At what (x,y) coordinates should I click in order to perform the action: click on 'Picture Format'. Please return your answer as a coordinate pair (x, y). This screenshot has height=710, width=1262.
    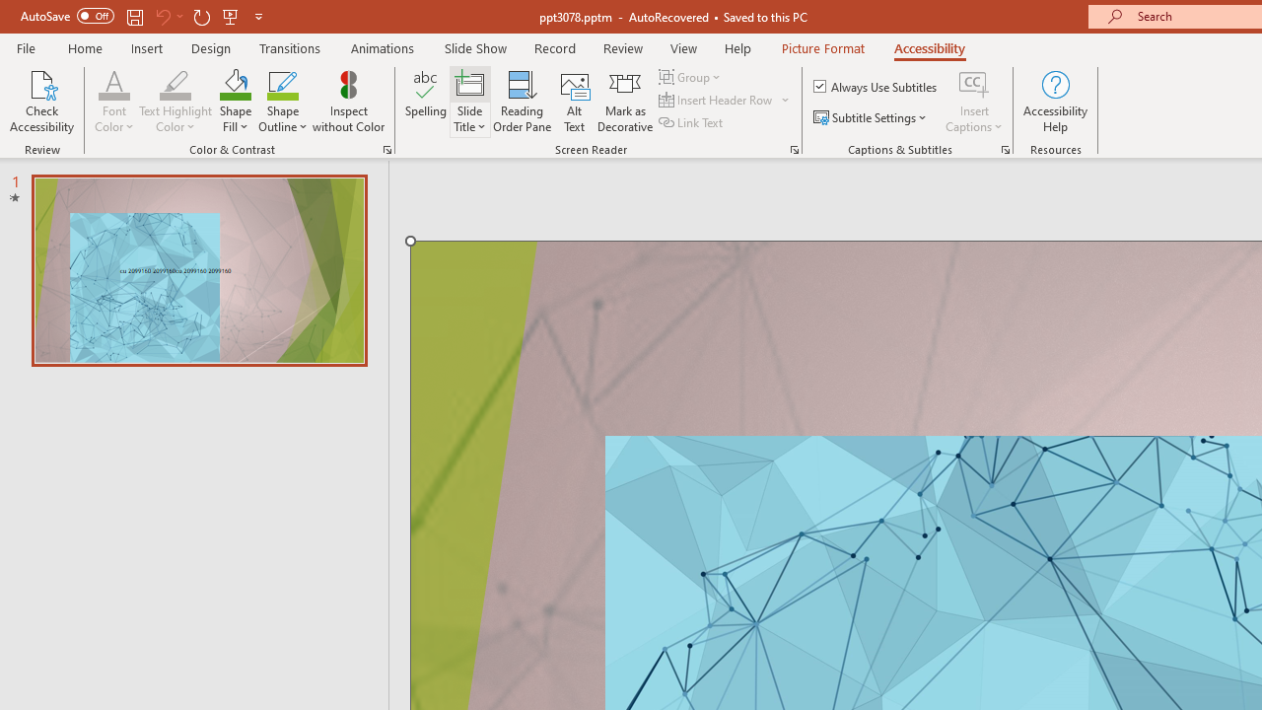
    Looking at the image, I should click on (823, 47).